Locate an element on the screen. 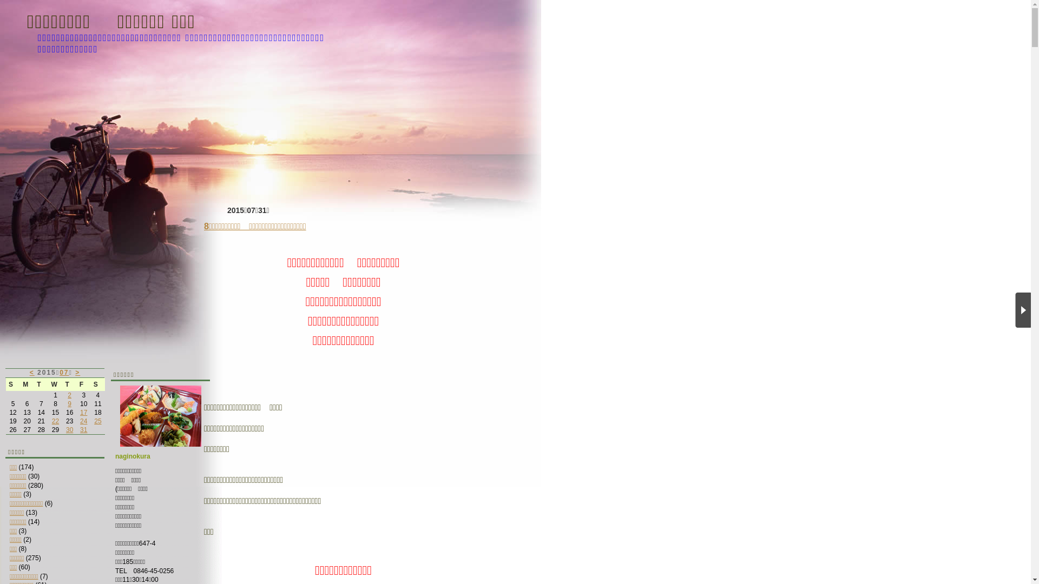 Image resolution: width=1039 pixels, height=584 pixels. '<' is located at coordinates (32, 372).